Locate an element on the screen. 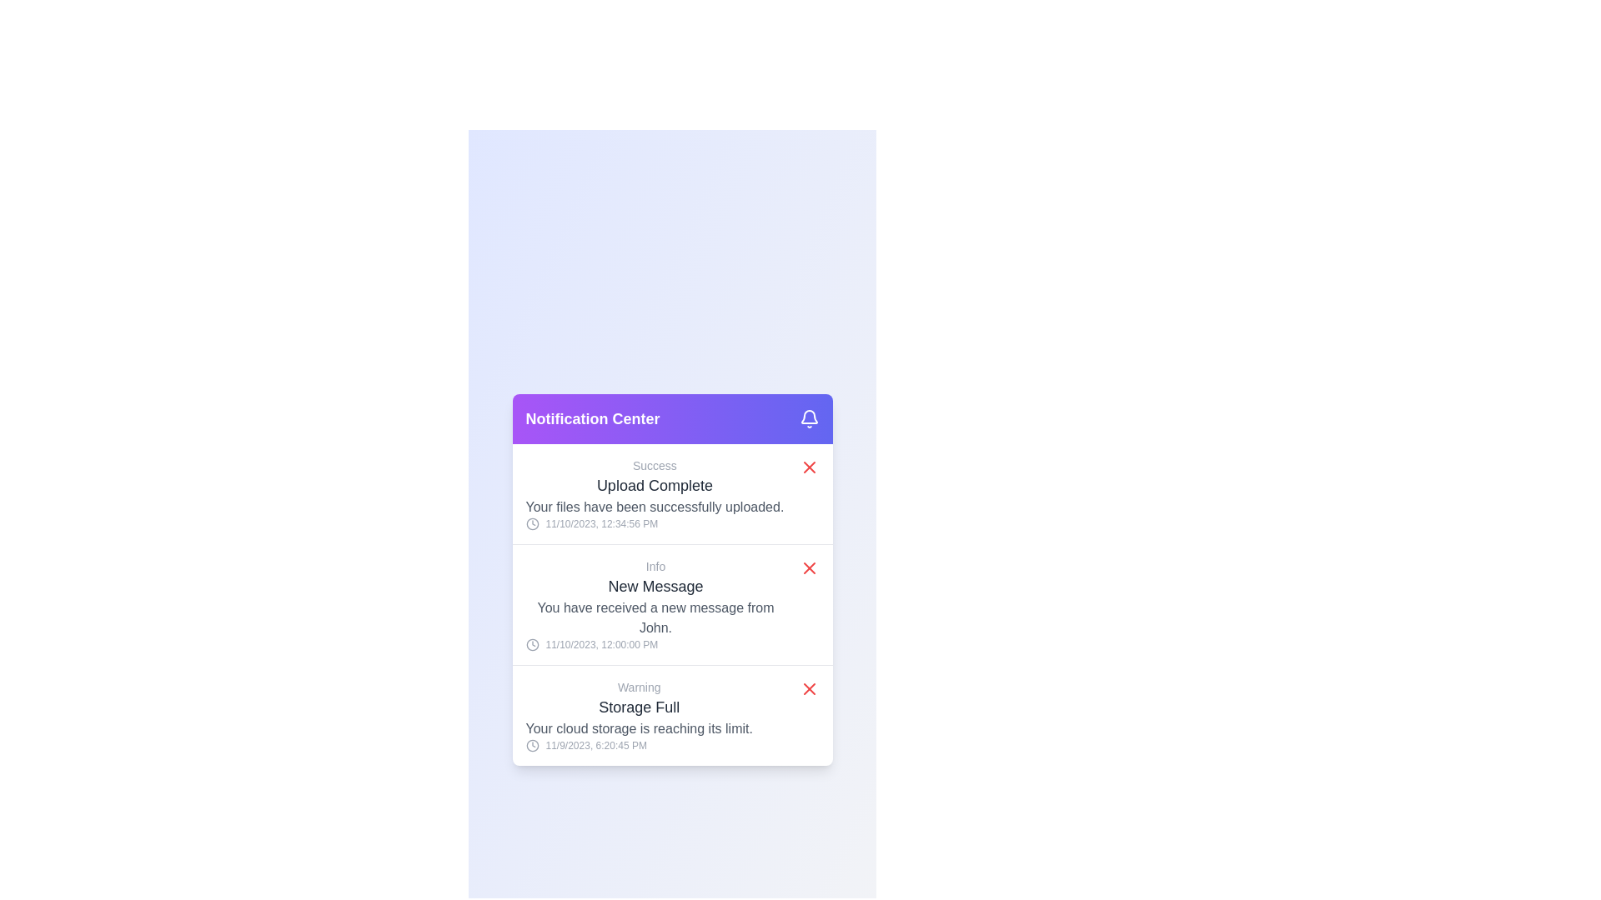 The width and height of the screenshot is (1601, 900). the button located at the far-right end of the 'Storage Full' notification in the notification center modal is located at coordinates (809, 688).